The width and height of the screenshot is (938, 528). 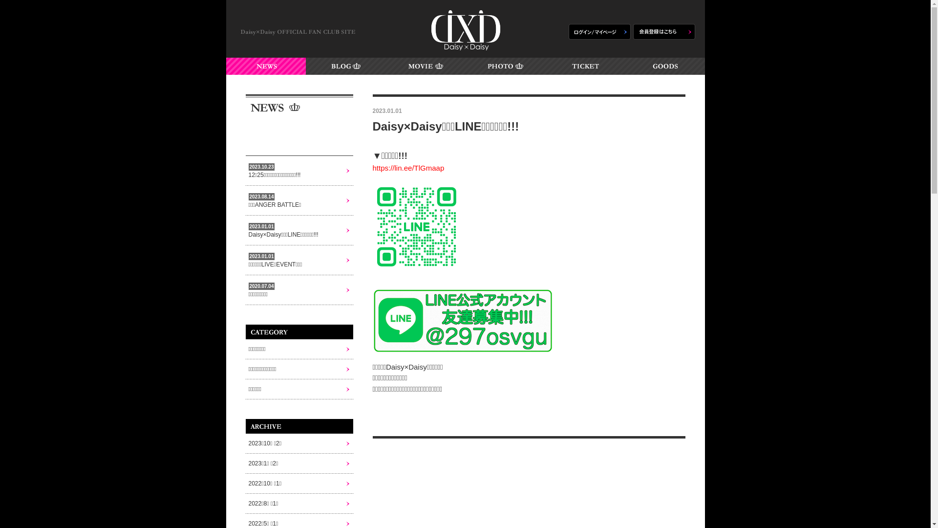 I want to click on 'https://lin.ee/TlGmaap', so click(x=408, y=167).